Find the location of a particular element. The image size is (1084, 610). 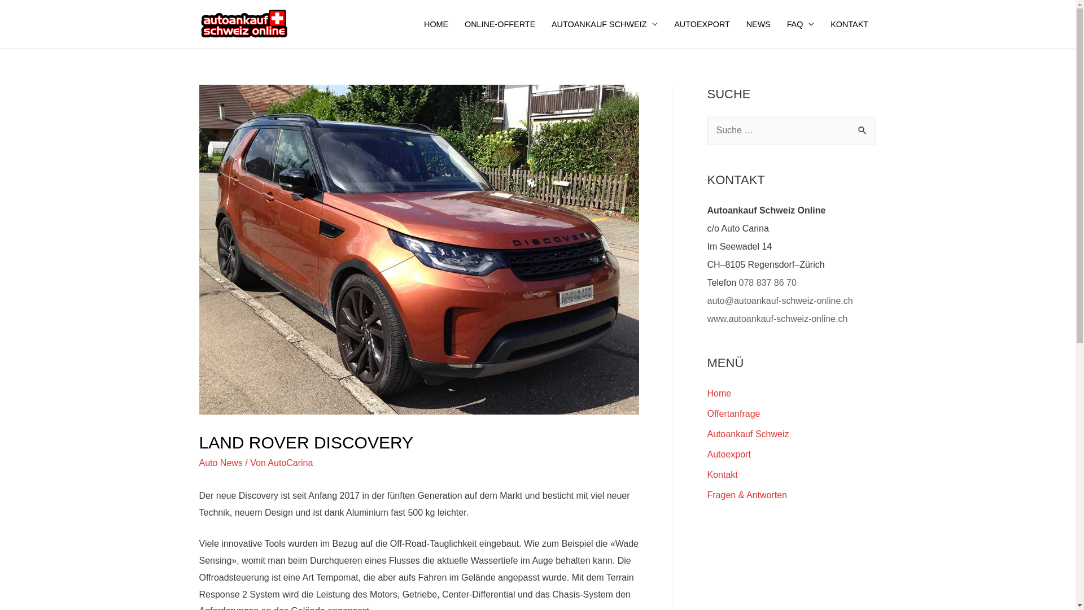

'Autoexport' is located at coordinates (728, 454).